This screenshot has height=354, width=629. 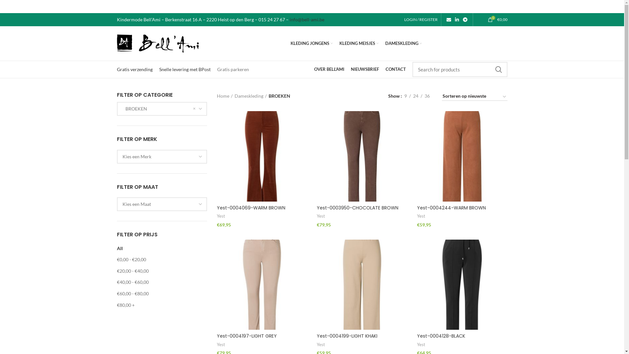 What do you see at coordinates (358, 43) in the screenshot?
I see `'KLEDING MEISJES'` at bounding box center [358, 43].